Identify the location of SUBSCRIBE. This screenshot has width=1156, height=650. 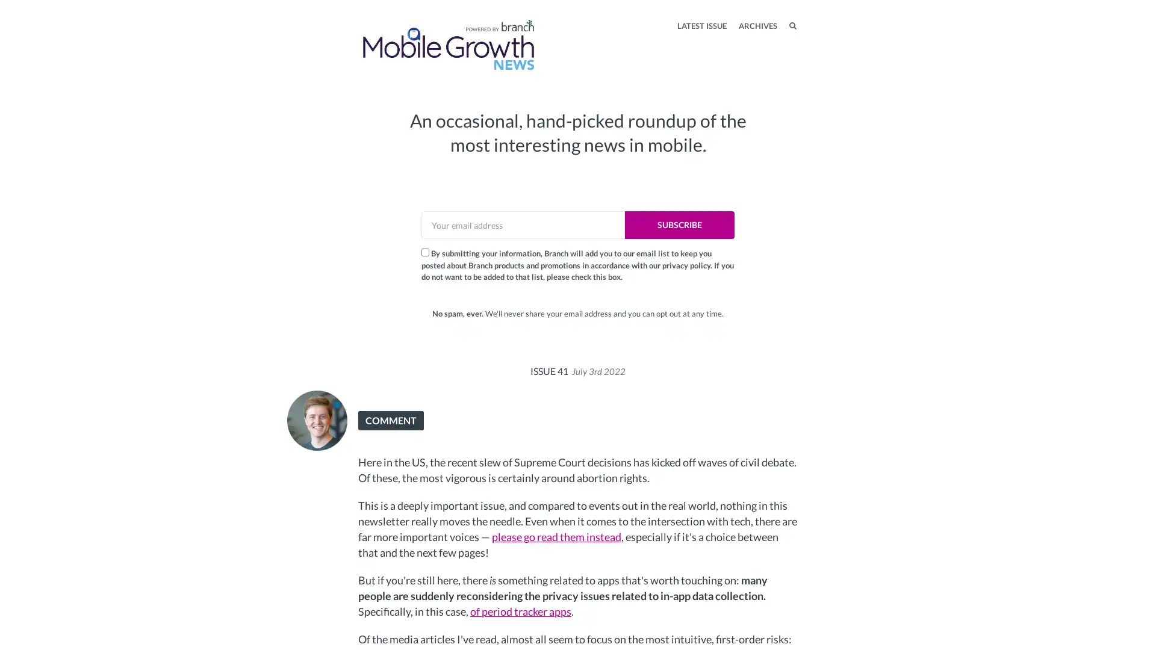
(679, 225).